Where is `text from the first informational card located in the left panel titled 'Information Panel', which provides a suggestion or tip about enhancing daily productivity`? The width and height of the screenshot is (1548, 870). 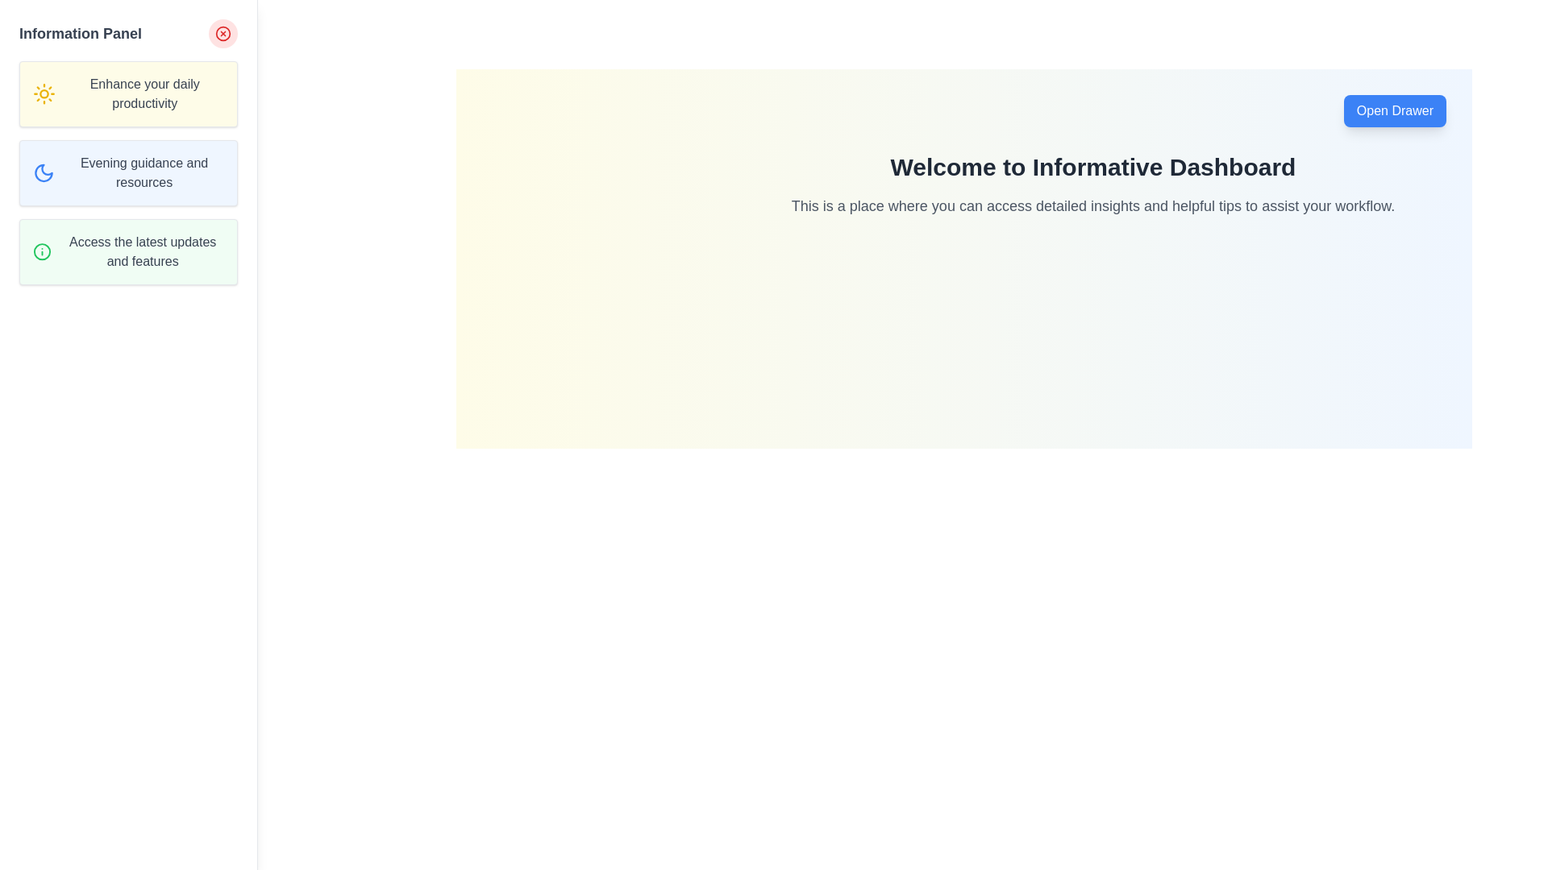 text from the first informational card located in the left panel titled 'Information Panel', which provides a suggestion or tip about enhancing daily productivity is located at coordinates (127, 93).